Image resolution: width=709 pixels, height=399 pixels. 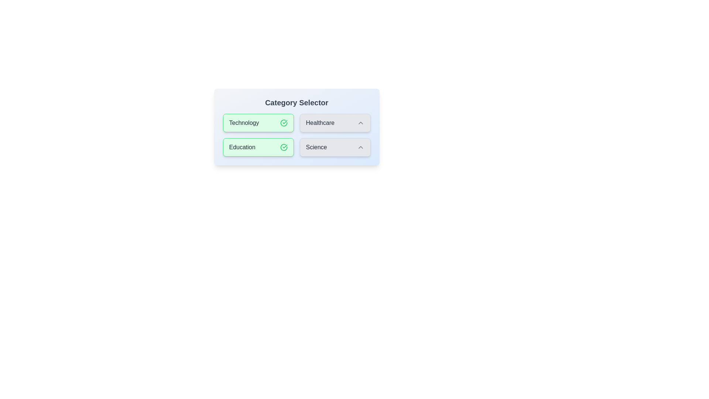 I want to click on the category Education, so click(x=258, y=147).